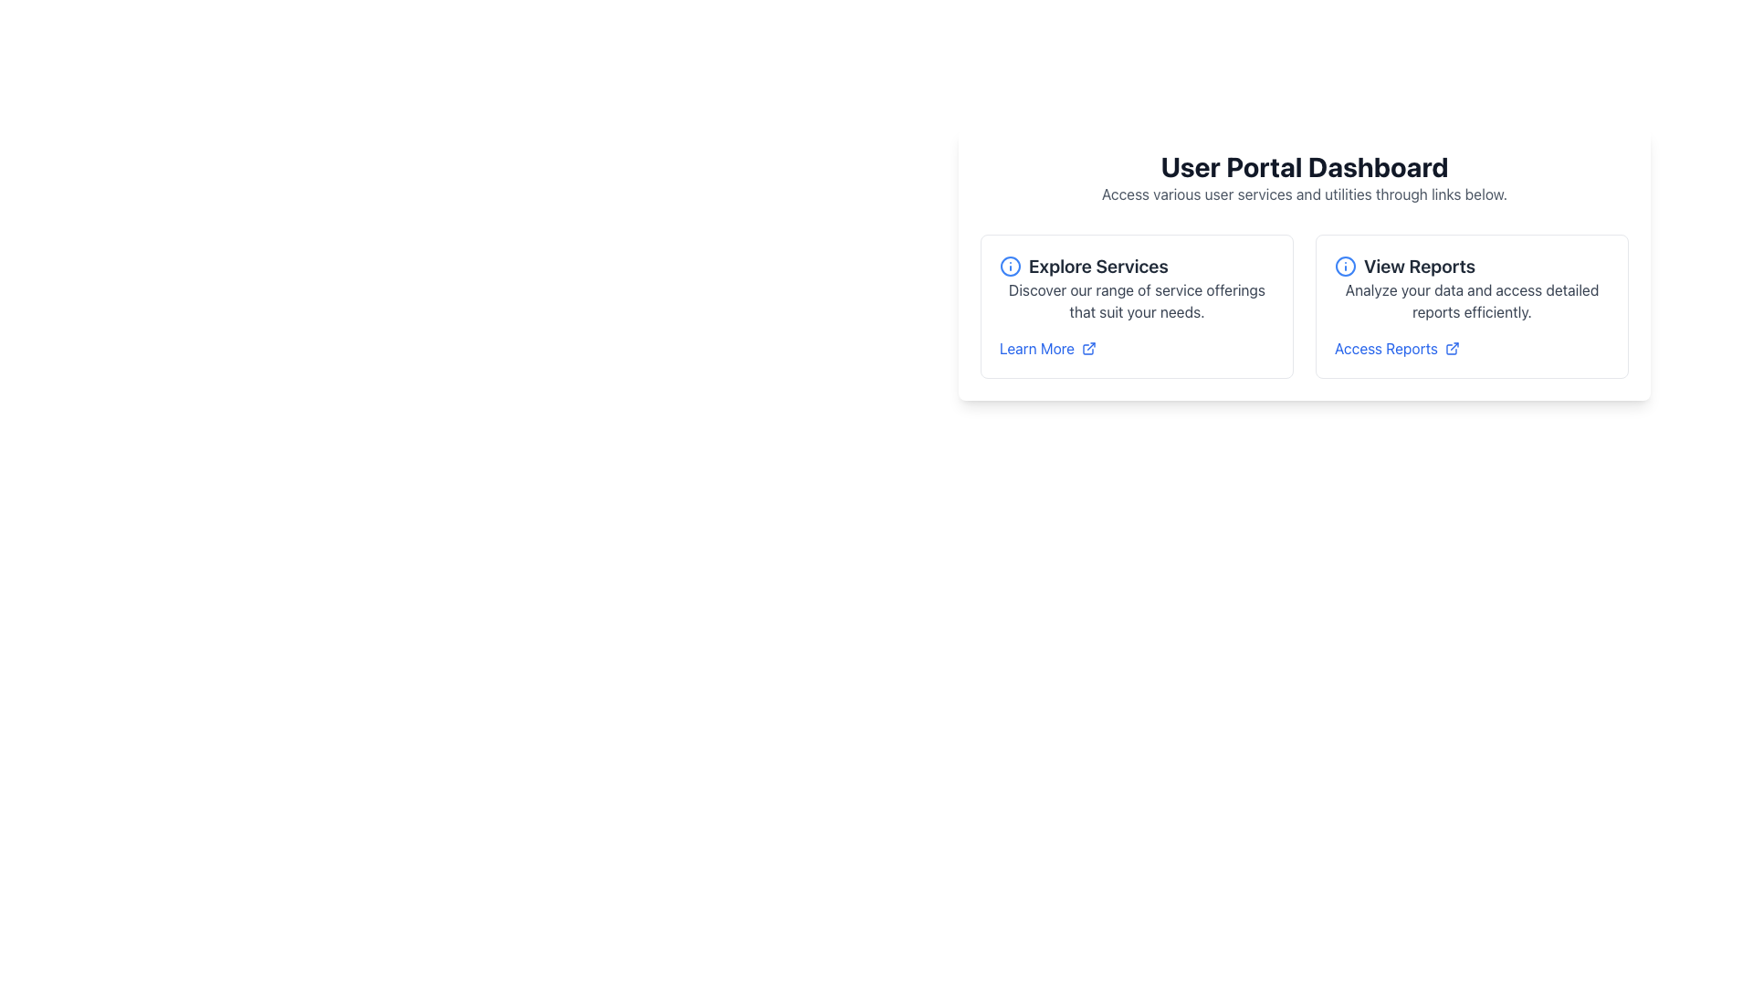  What do you see at coordinates (1089, 348) in the screenshot?
I see `the external link icon, which is a small icon with a blue stroke representing an arrow extending from a box, located next to the 'Learn More' text in the 'Explore Services' section` at bounding box center [1089, 348].